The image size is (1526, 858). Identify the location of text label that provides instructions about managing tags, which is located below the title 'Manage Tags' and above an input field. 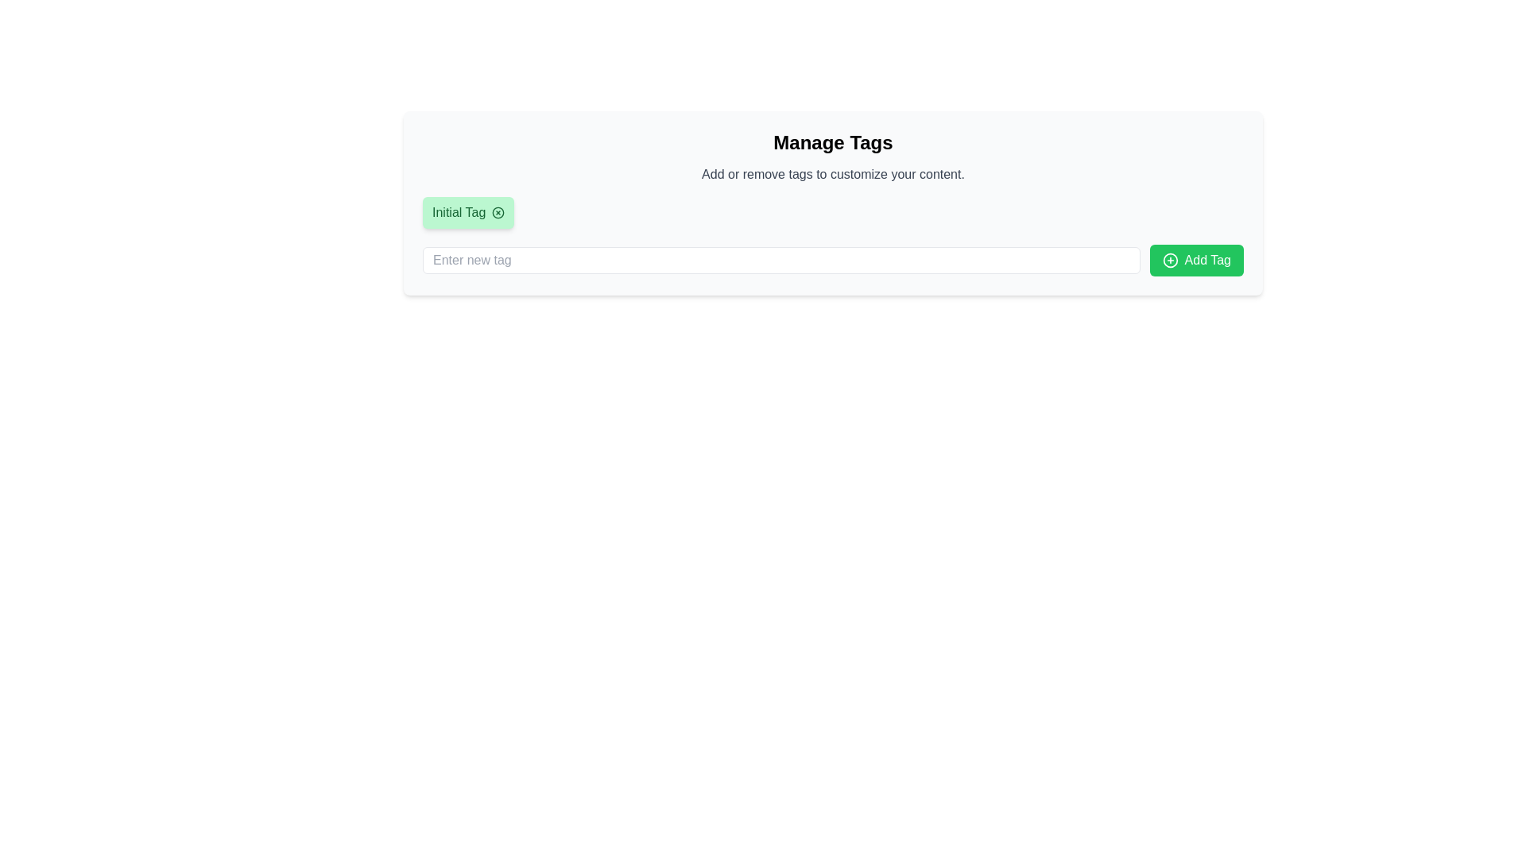
(832, 174).